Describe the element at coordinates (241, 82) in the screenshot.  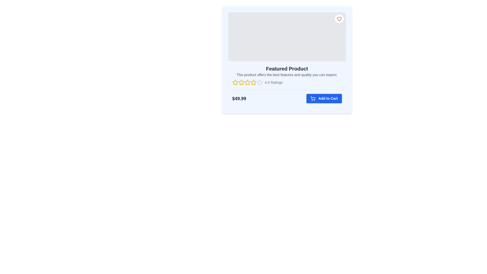
I see `keyboard navigation` at that location.